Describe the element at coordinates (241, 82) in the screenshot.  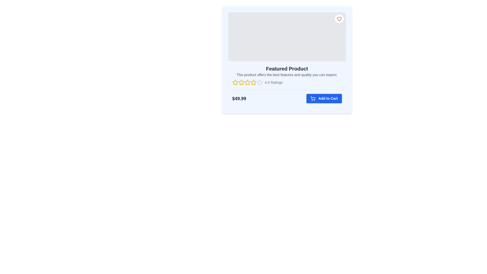
I see `keyboard navigation` at that location.